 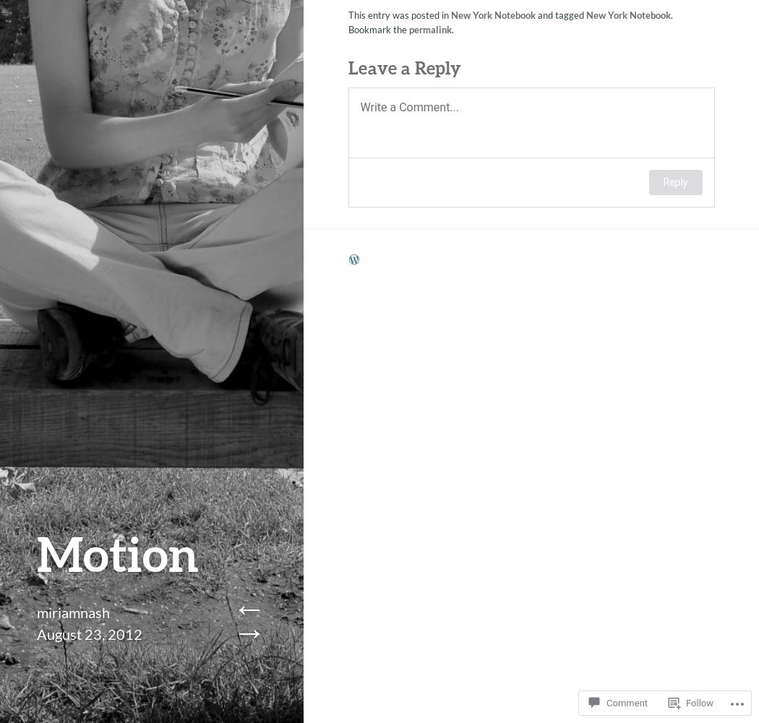 What do you see at coordinates (398, 12) in the screenshot?
I see `'This entry was posted in'` at bounding box center [398, 12].